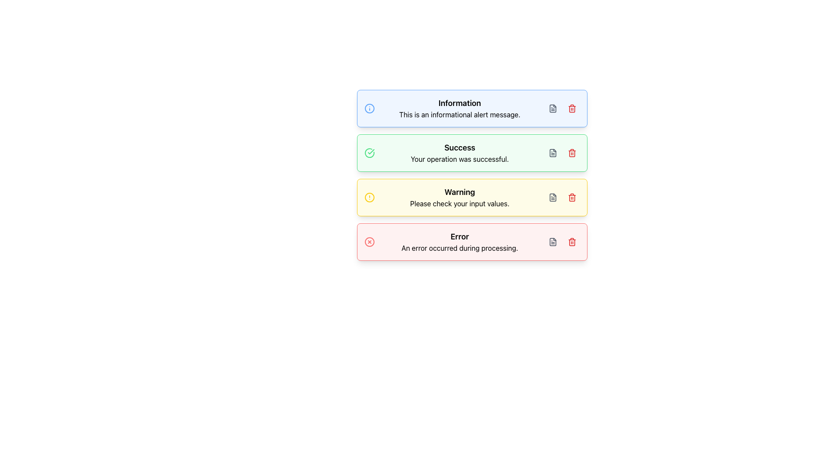 The image size is (838, 471). Describe the element at coordinates (459, 242) in the screenshot. I see `text block titled 'Error' which contains the message 'An error occurred during processing.' This text block is centrally aligned within a red-bordered rectangular box against a light red background` at that location.